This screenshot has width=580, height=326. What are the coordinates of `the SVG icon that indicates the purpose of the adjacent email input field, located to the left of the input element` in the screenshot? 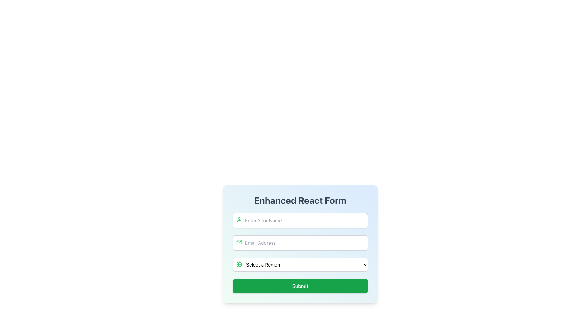 It's located at (239, 242).